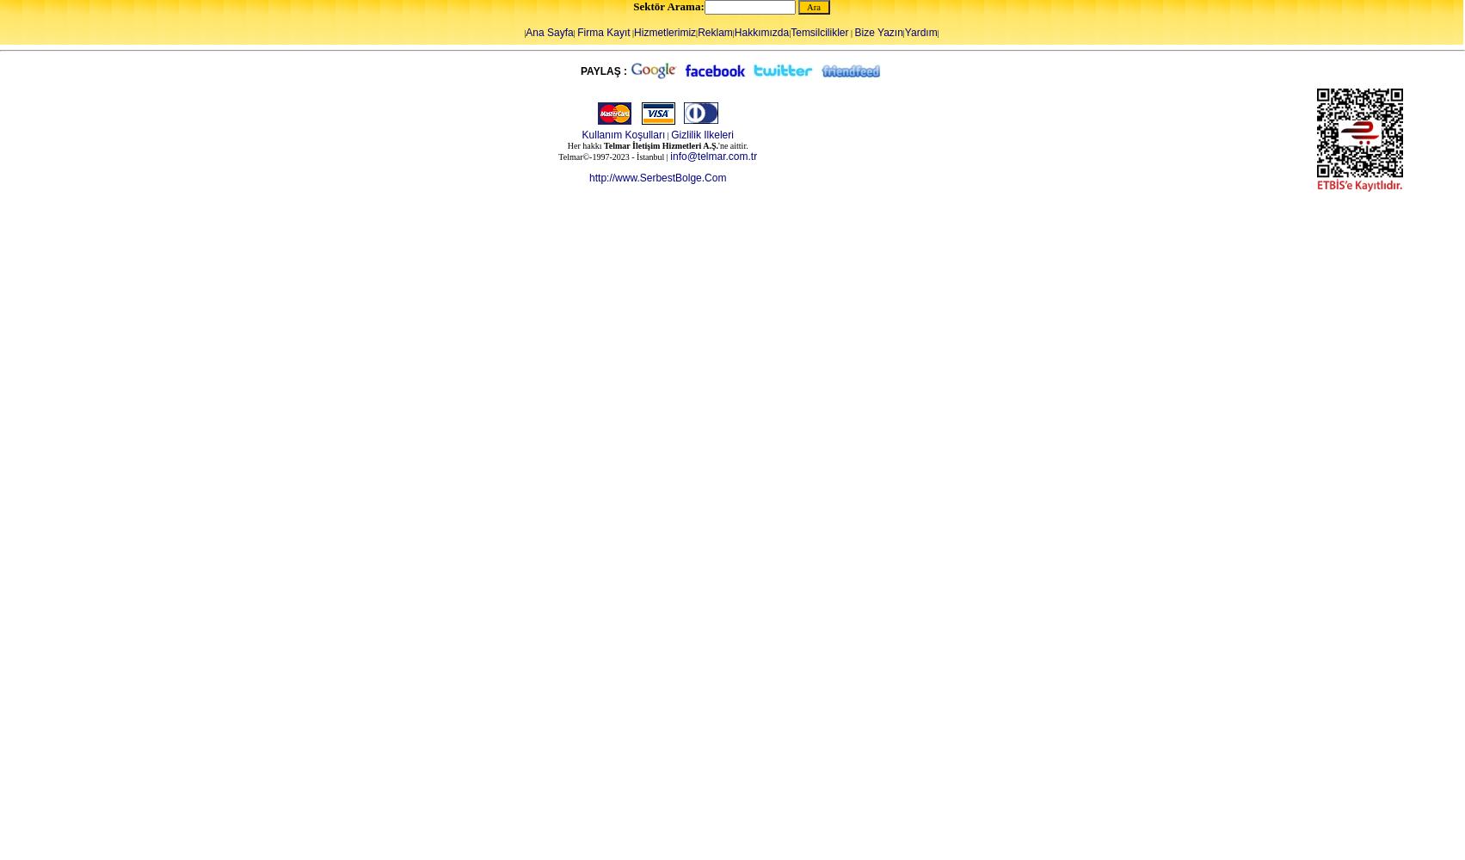 Image resolution: width=1465 pixels, height=860 pixels. Describe the element at coordinates (661, 145) in the screenshot. I see `'Telmar İletişim Hizmetleri A.Ş.'` at that location.